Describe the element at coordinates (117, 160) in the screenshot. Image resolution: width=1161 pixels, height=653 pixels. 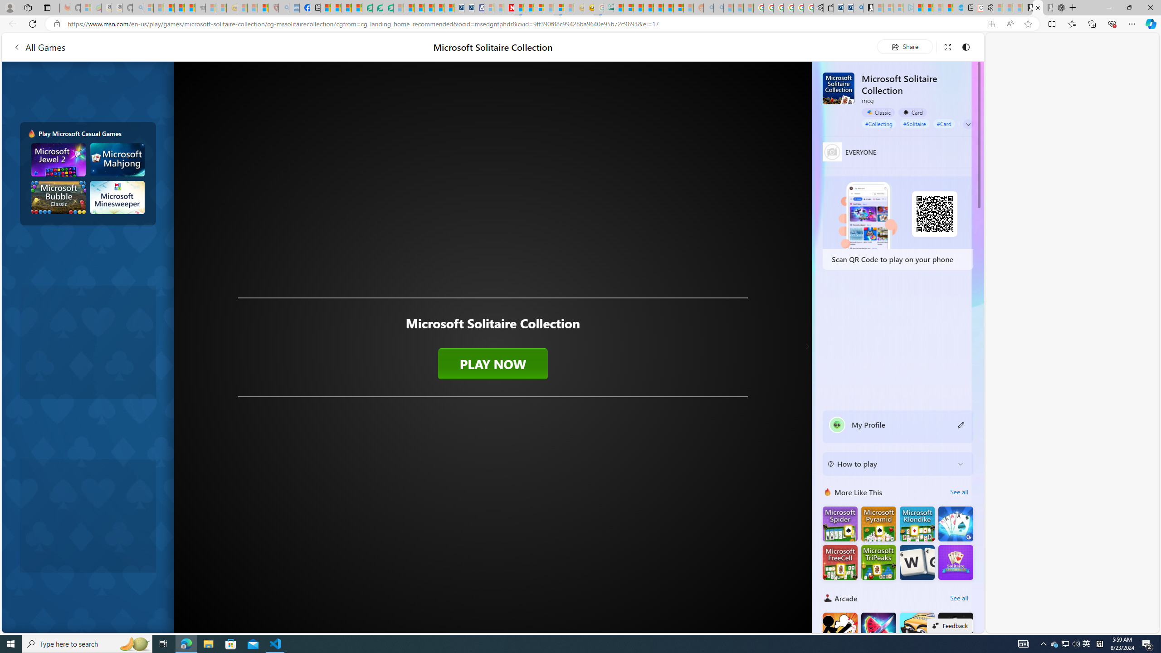
I see `'Microsoft Mahjong'` at that location.